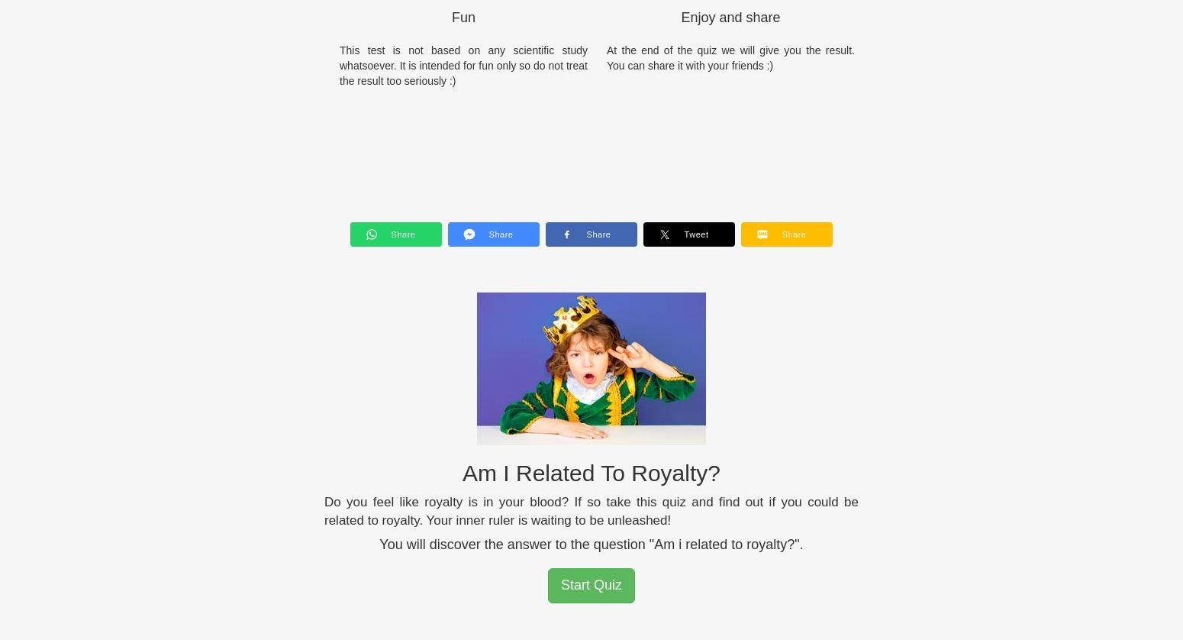  I want to click on 'At the end of the quiz we will give you the result. 
You can share it with your friends :)', so click(730, 57).